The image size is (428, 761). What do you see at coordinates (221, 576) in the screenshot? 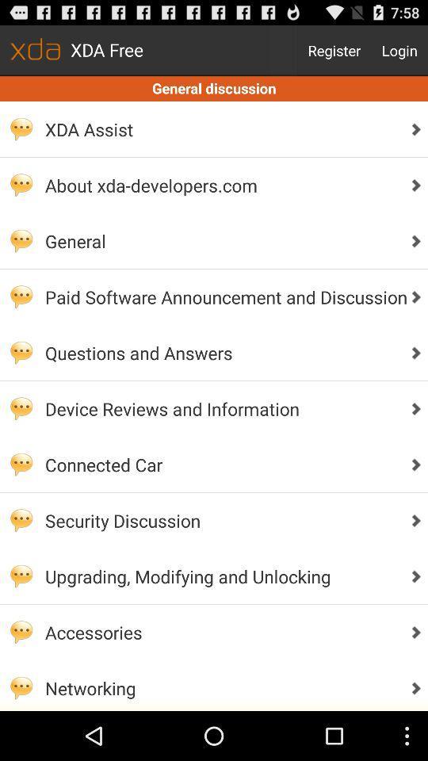
I see `upgrading modifying and app` at bounding box center [221, 576].